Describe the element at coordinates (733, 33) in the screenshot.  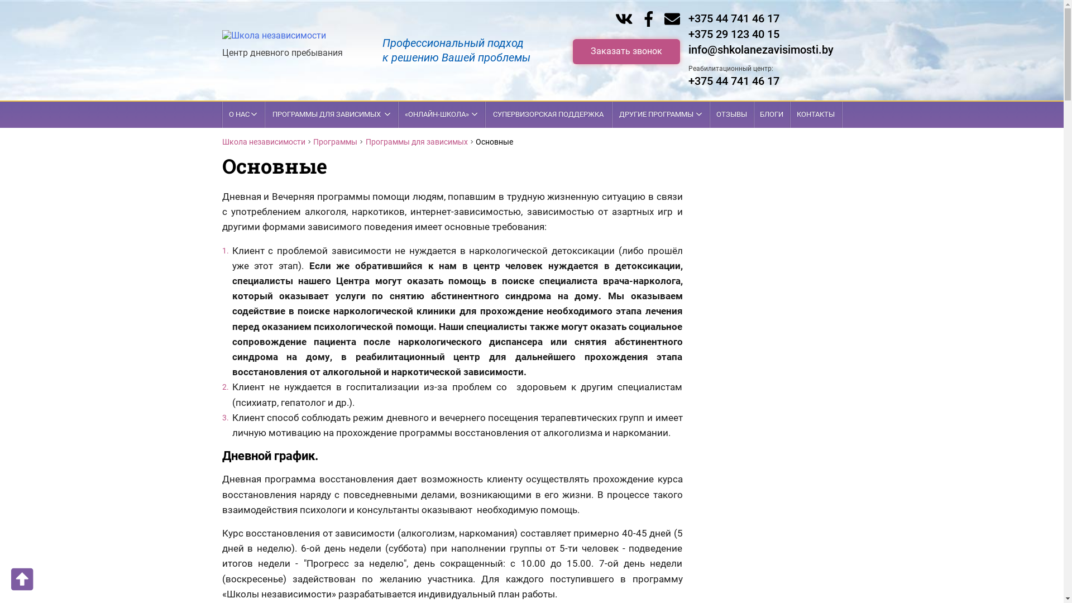
I see `'+375 29 123 40 15'` at that location.